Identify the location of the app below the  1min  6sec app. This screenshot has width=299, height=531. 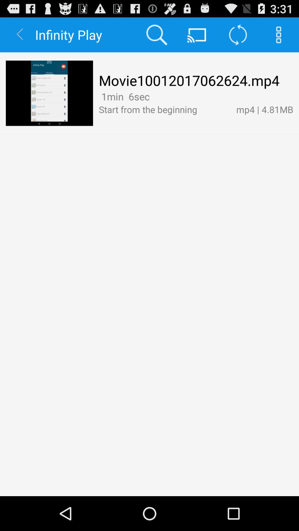
(164, 109).